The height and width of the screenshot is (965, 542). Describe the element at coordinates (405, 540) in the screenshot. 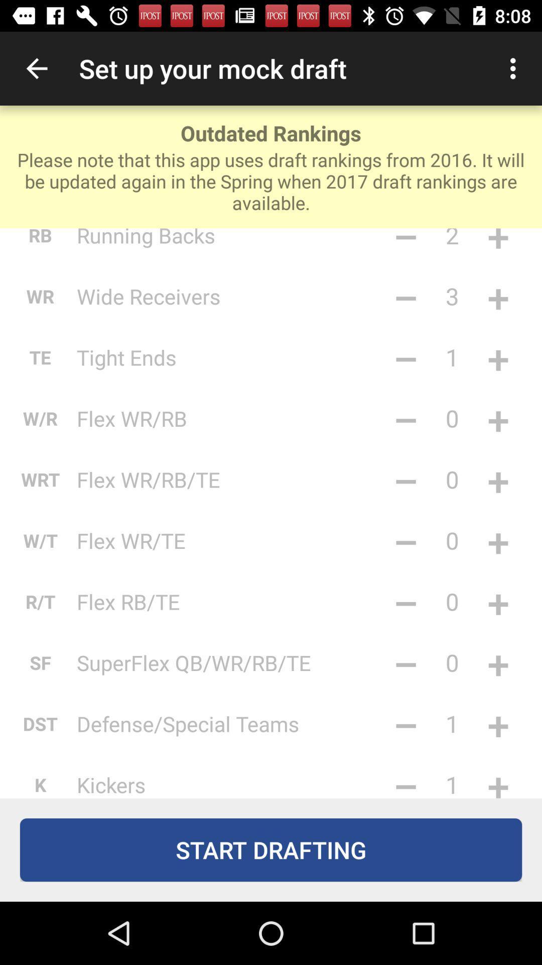

I see `the icon to the right of flex wr/te icon` at that location.